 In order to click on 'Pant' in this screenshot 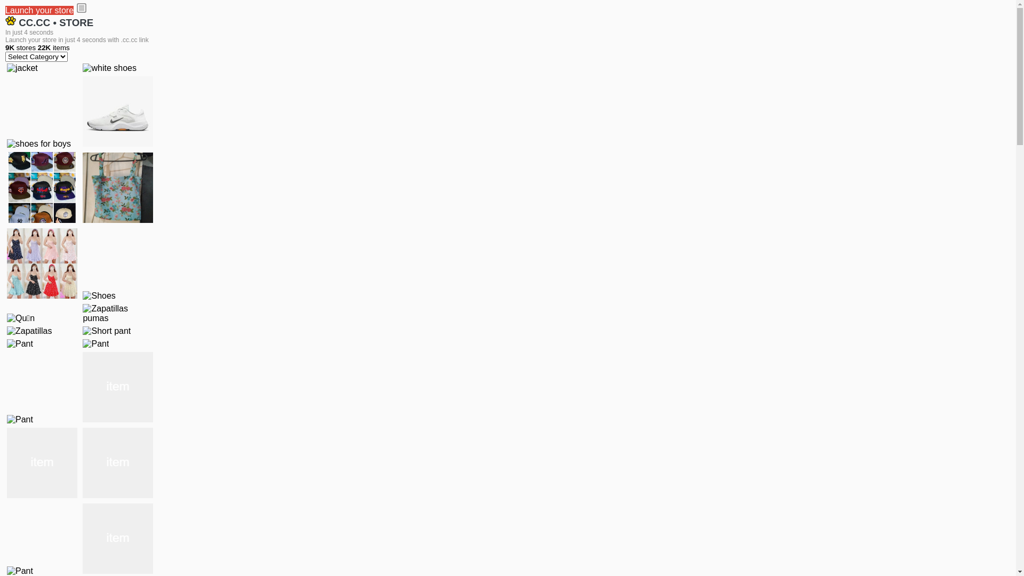, I will do `click(95, 343)`.